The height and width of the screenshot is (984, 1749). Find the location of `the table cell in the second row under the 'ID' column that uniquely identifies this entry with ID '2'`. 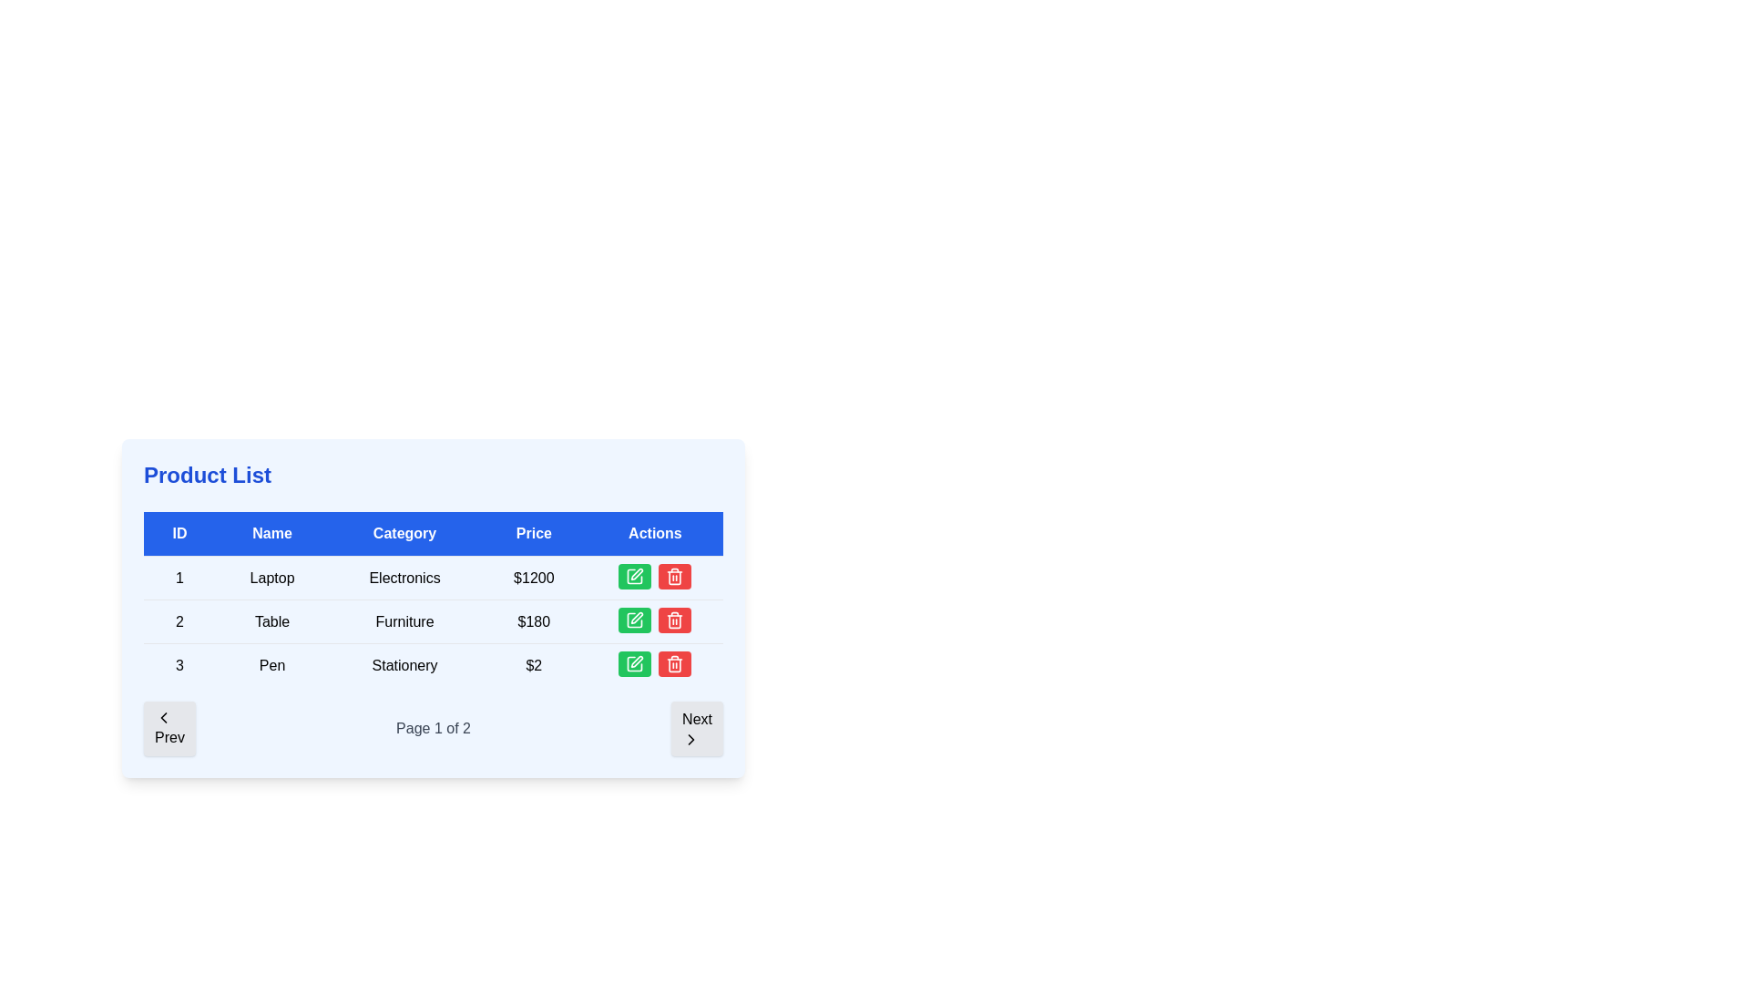

the table cell in the second row under the 'ID' column that uniquely identifies this entry with ID '2' is located at coordinates (179, 620).